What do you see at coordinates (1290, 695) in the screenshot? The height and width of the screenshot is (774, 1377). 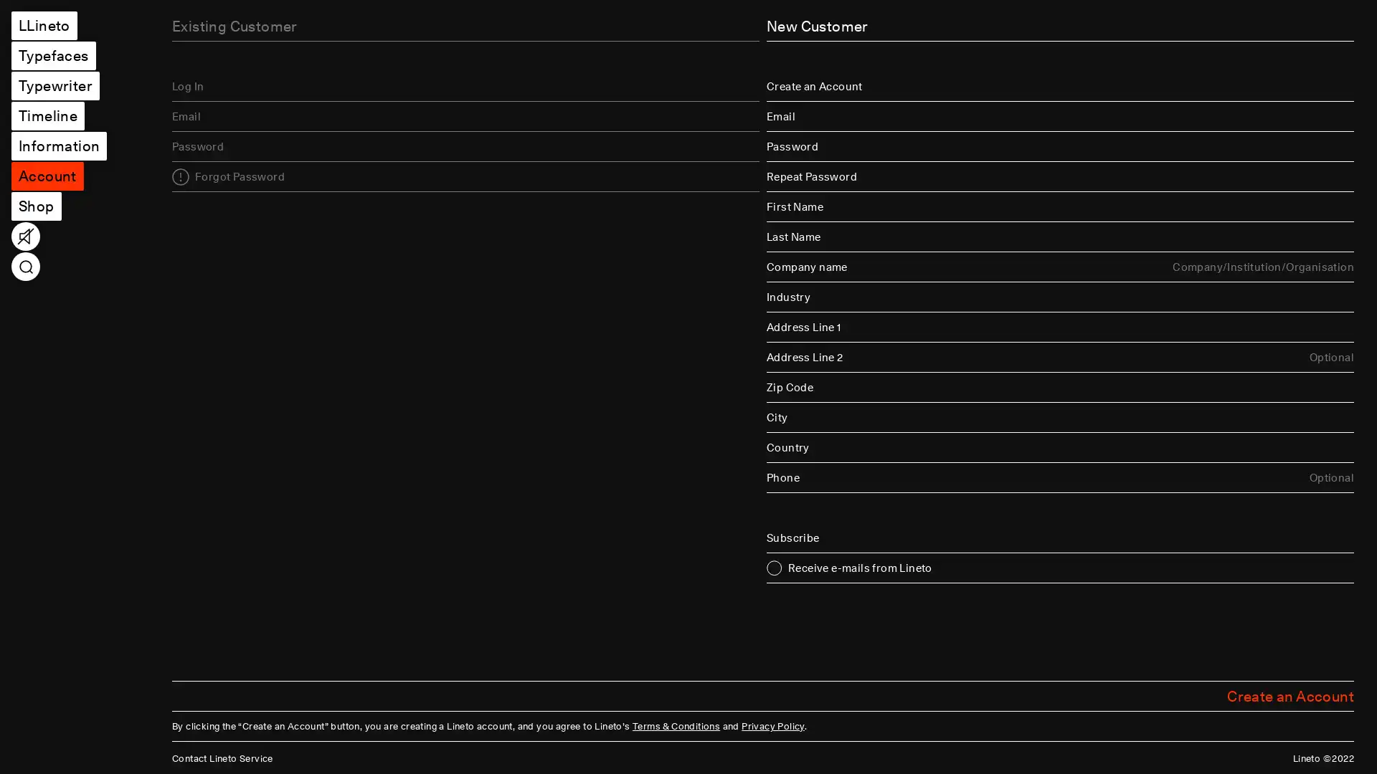 I see `Create an Account` at bounding box center [1290, 695].